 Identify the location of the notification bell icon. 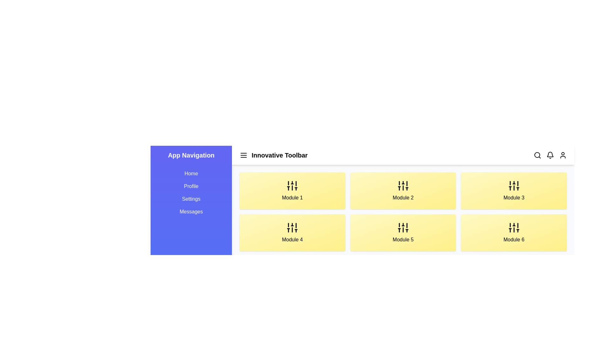
(550, 155).